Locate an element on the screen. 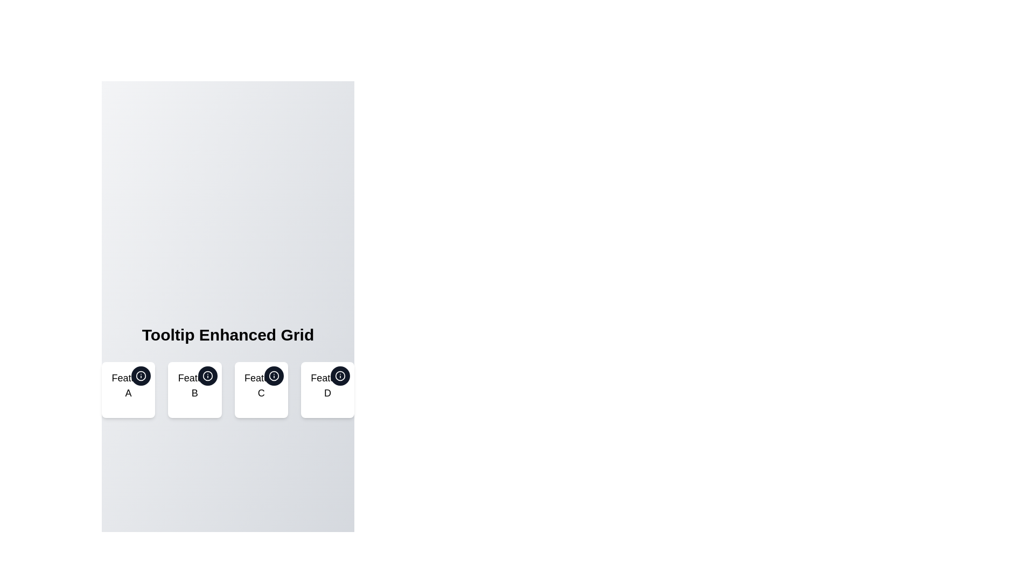 The image size is (1034, 581). the informational Vector-based icon located inside the circular button in the top-right corner of the 'Feat D' feature card is located at coordinates (340, 375).